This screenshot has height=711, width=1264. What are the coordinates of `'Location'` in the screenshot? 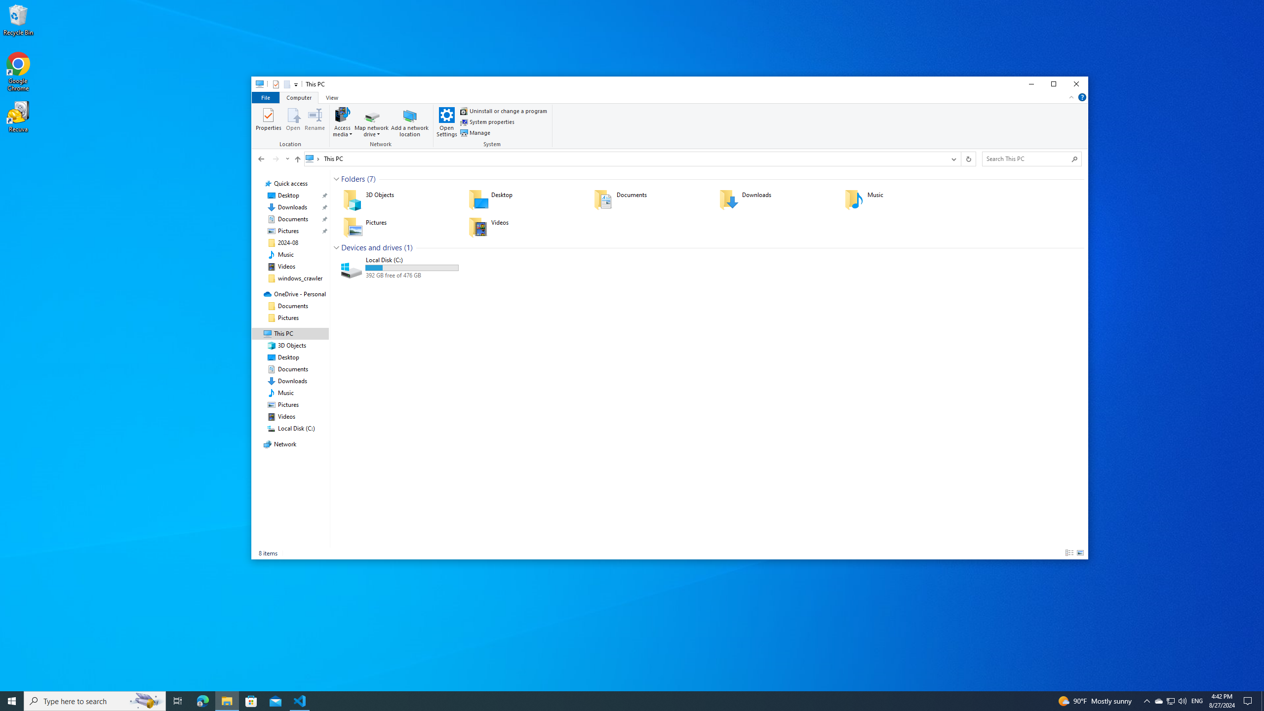 It's located at (292, 126).